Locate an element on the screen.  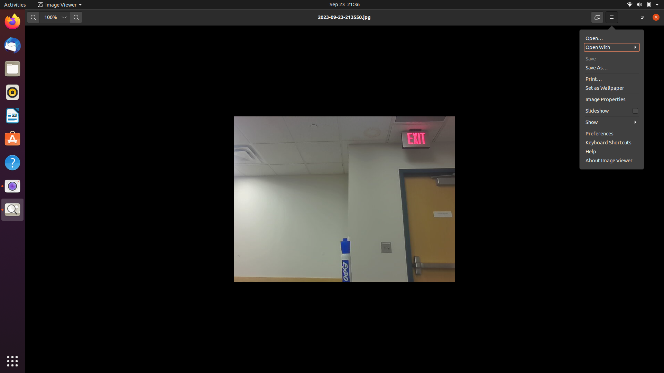
Decrease the image size once is located at coordinates (33, 17).